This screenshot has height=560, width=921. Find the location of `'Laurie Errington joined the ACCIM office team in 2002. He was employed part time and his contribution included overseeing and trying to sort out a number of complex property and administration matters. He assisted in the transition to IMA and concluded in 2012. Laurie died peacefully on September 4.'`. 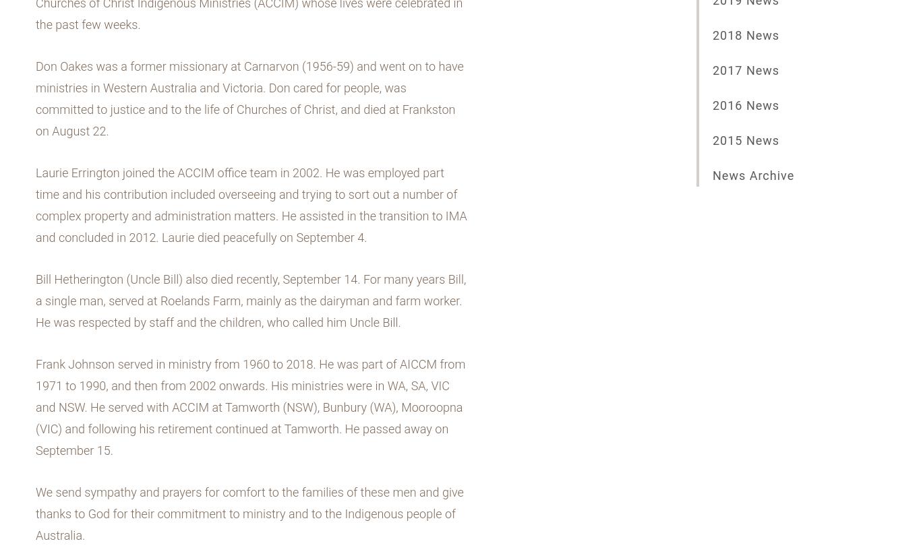

'Laurie Errington joined the ACCIM office team in 2002. He was employed part time and his contribution included overseeing and trying to sort out a number of complex property and administration matters. He assisted in the transition to IMA and concluded in 2012. Laurie died peacefully on September 4.' is located at coordinates (250, 205).